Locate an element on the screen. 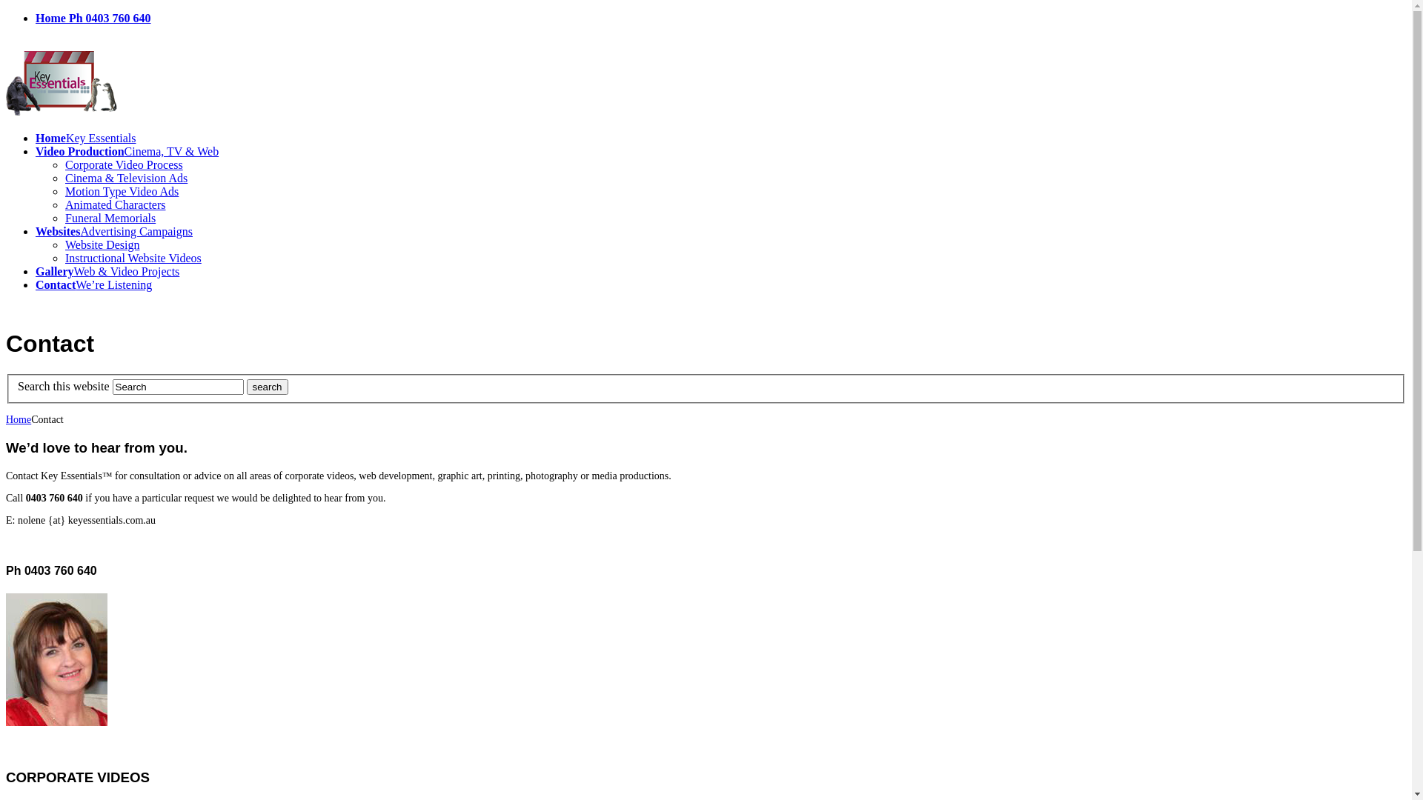 The height and width of the screenshot is (800, 1423). 'Instructional Website Videos' is located at coordinates (133, 257).